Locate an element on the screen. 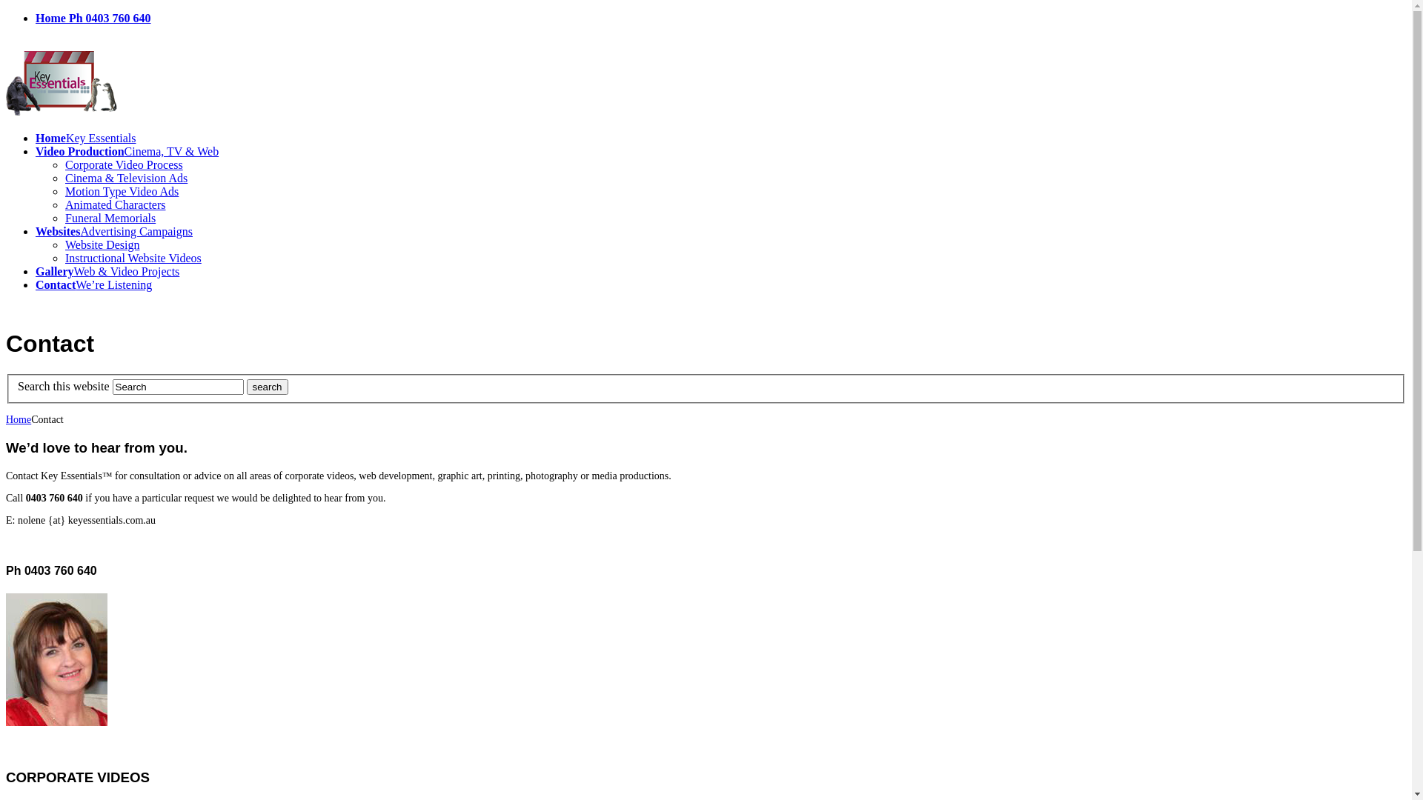 The height and width of the screenshot is (800, 1423). 'Instructional Website Videos' is located at coordinates (133, 257).